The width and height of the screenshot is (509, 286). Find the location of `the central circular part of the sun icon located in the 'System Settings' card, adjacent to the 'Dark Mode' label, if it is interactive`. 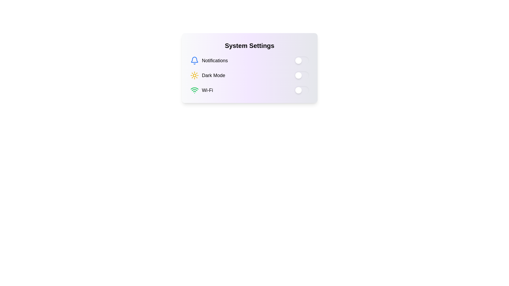

the central circular part of the sun icon located in the 'System Settings' card, adjacent to the 'Dark Mode' label, if it is interactive is located at coordinates (194, 75).